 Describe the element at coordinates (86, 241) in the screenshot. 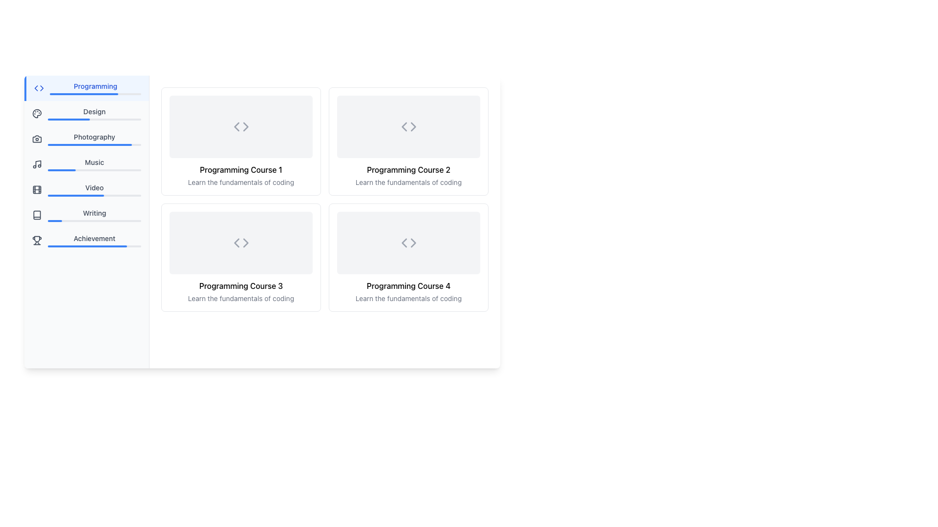

I see `the seventh button in the vertical list of menu items in the left-hand sidebar` at that location.